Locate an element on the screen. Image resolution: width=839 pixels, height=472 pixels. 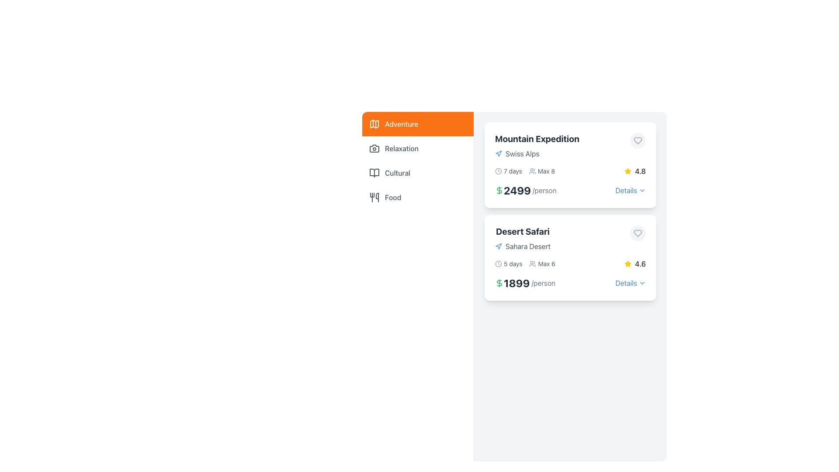
the static text label indicating the duration of the trip described in the 'Desert Safari' card, located below the header and adjacent to the group size and rating details is located at coordinates (513, 264).